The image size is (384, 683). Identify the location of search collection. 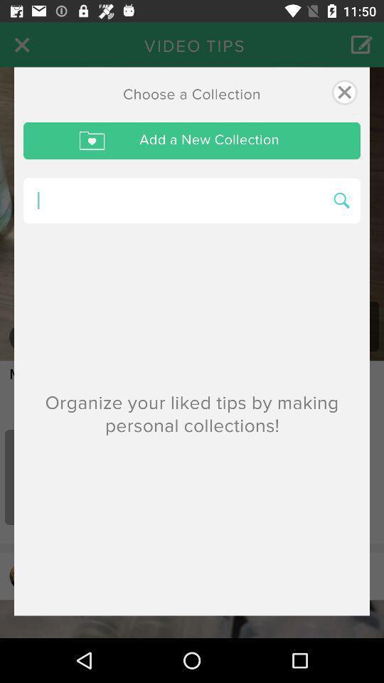
(173, 200).